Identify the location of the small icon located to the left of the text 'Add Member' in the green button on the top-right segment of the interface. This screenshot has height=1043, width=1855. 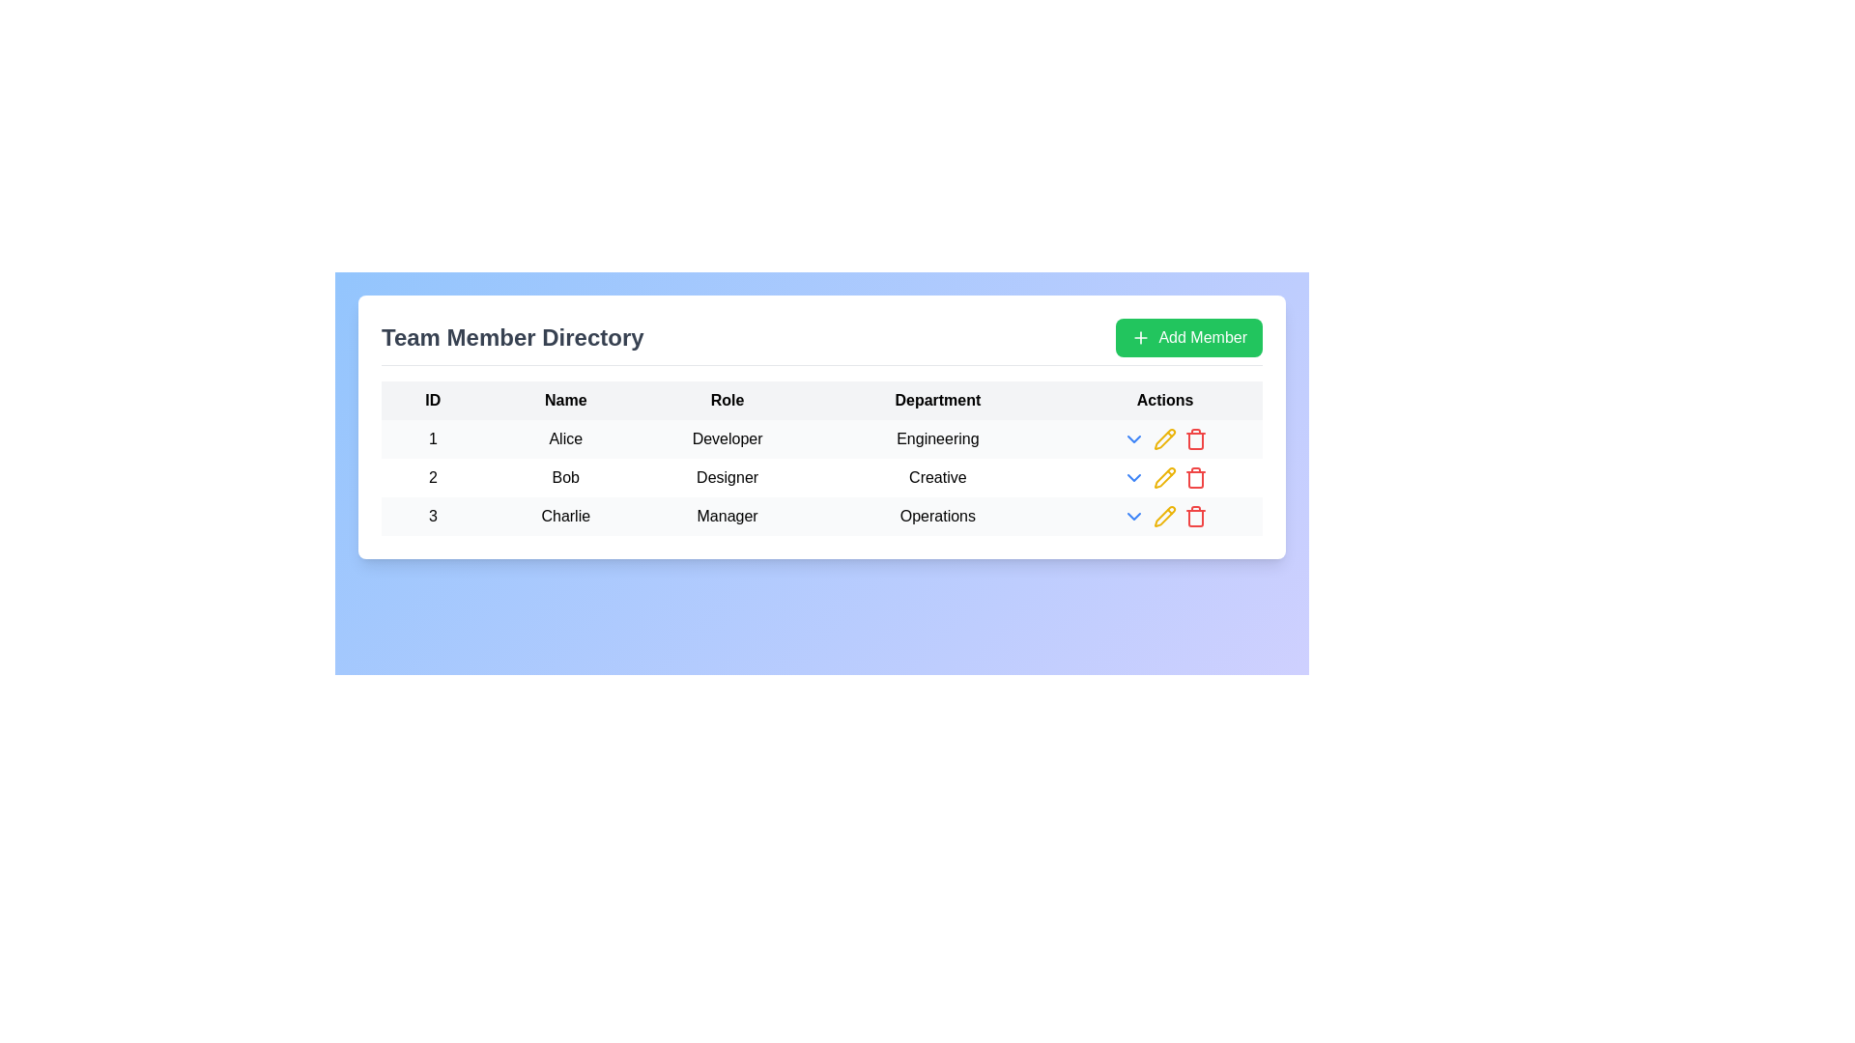
(1141, 337).